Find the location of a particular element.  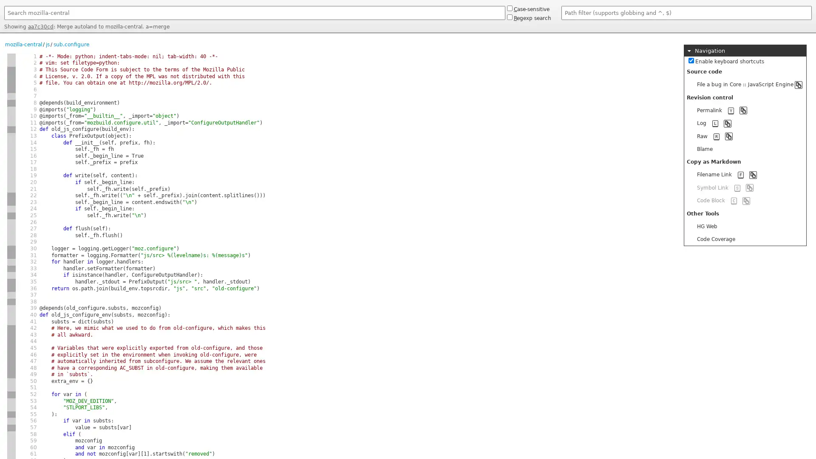

same hash 3 is located at coordinates (11, 407).